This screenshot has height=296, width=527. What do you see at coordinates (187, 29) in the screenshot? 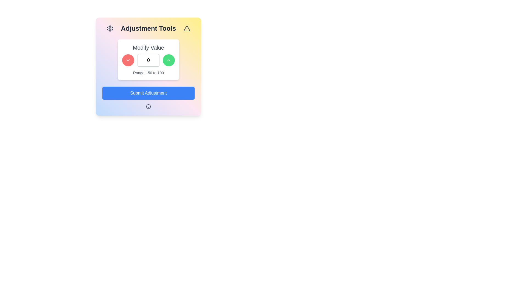
I see `the triangular alert icon located at the top-right corner of the 'Adjustment Tools' section, which features a bold outline and color scheme representing a warning or notification` at bounding box center [187, 29].